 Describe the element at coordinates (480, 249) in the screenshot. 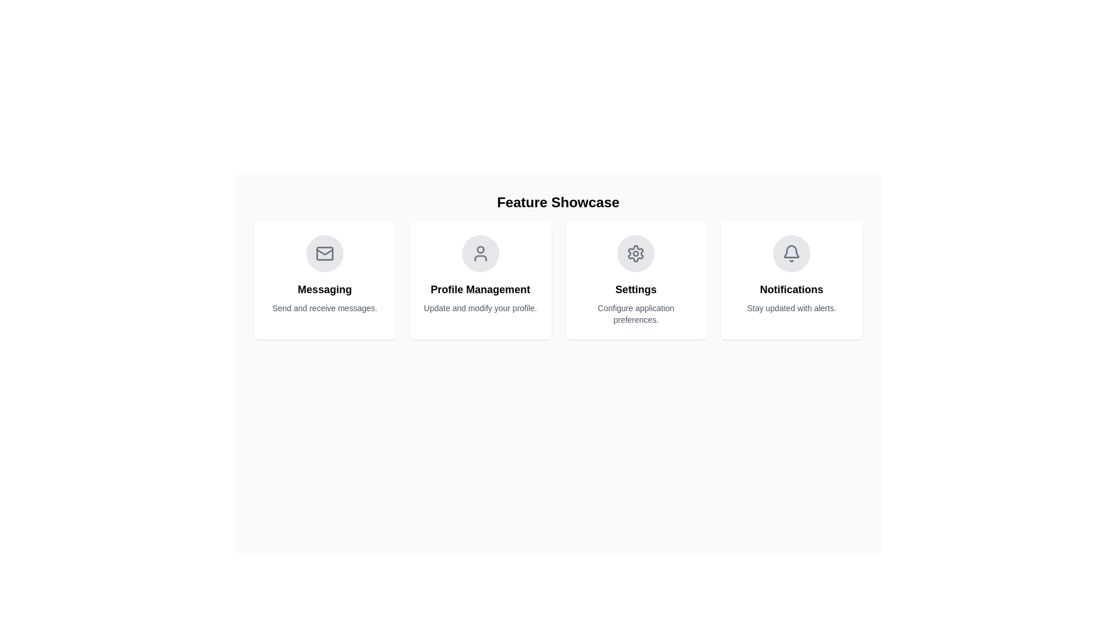

I see `the circular user profile icon located at the upper center of the 'Profile Management' card, which is beneath the 'Feature Showcase' title` at that location.